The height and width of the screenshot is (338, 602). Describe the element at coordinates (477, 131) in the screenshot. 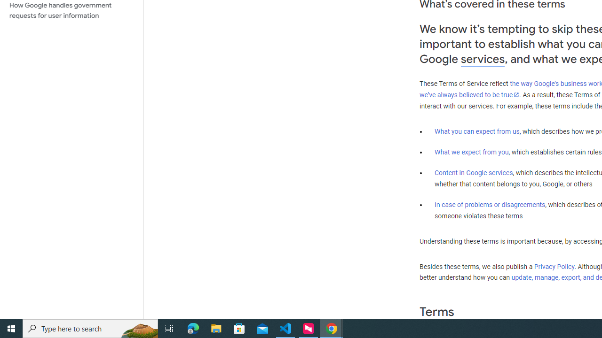

I see `'What you can expect from us'` at that location.